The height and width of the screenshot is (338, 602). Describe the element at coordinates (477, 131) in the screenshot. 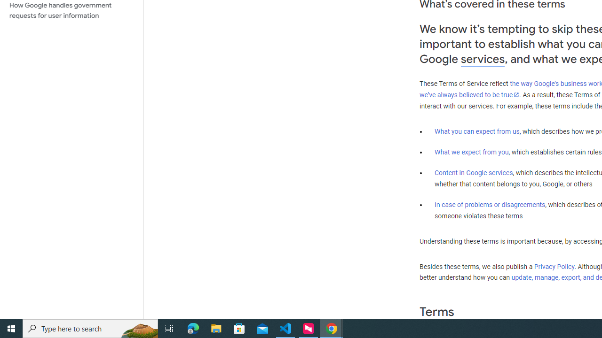

I see `'What you can expect from us'` at that location.